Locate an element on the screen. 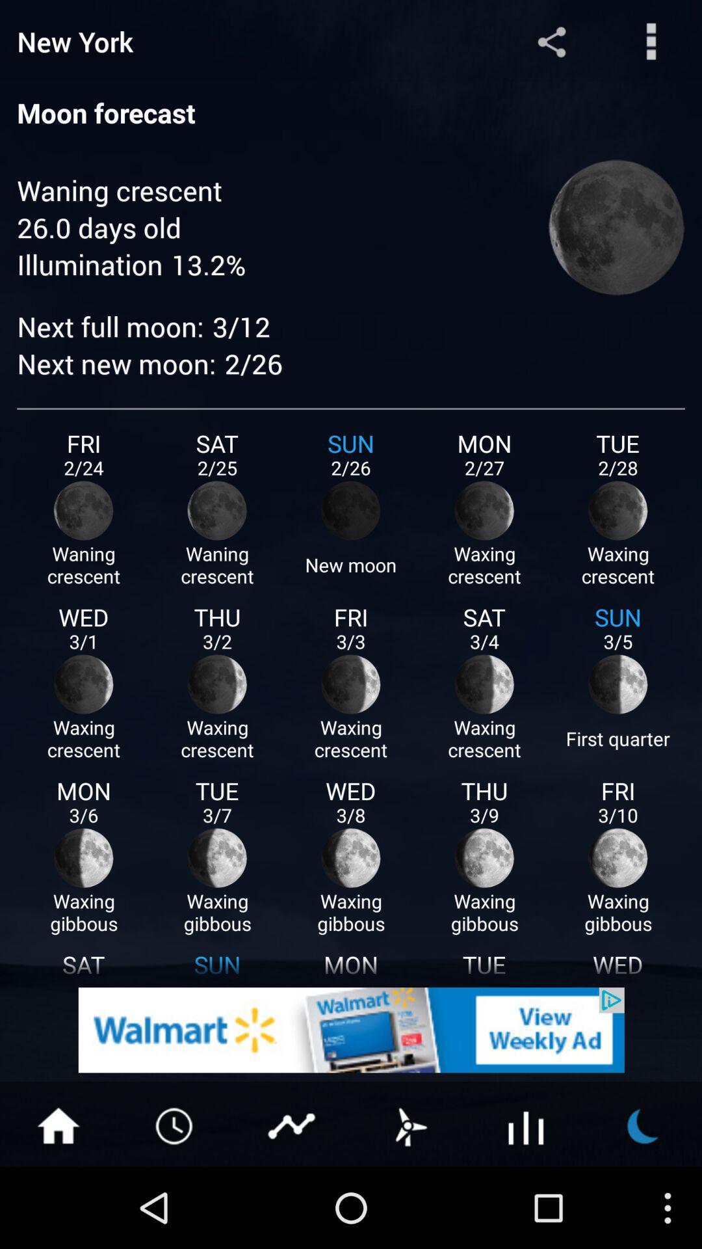  wind check button is located at coordinates (408, 1124).